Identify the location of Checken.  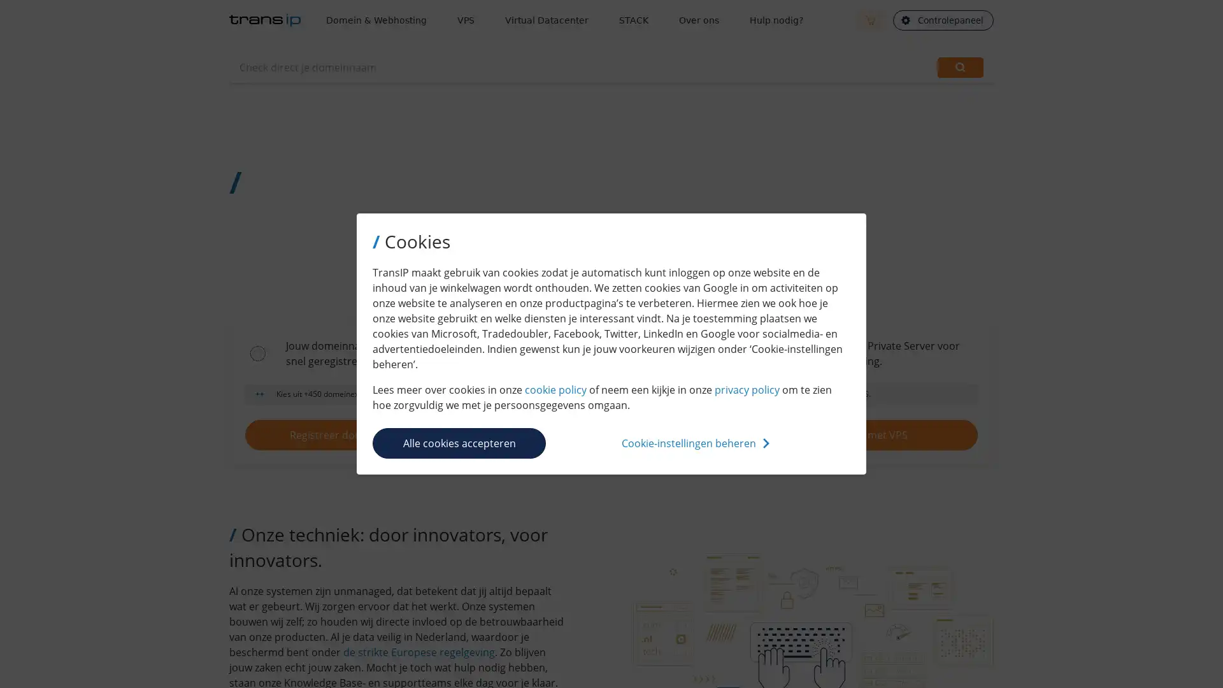
(960, 67).